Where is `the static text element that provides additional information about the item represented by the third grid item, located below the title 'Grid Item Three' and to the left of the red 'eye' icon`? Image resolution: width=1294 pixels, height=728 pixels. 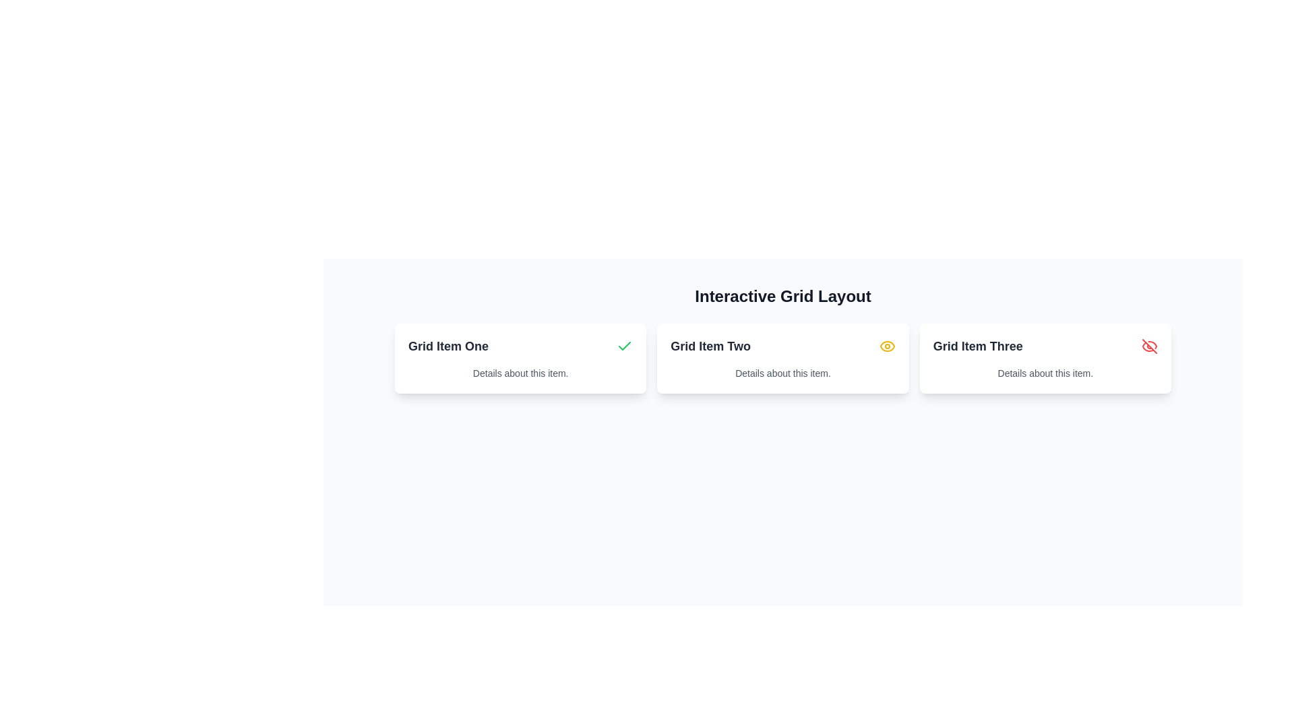 the static text element that provides additional information about the item represented by the third grid item, located below the title 'Grid Item Three' and to the left of the red 'eye' icon is located at coordinates (1045, 373).